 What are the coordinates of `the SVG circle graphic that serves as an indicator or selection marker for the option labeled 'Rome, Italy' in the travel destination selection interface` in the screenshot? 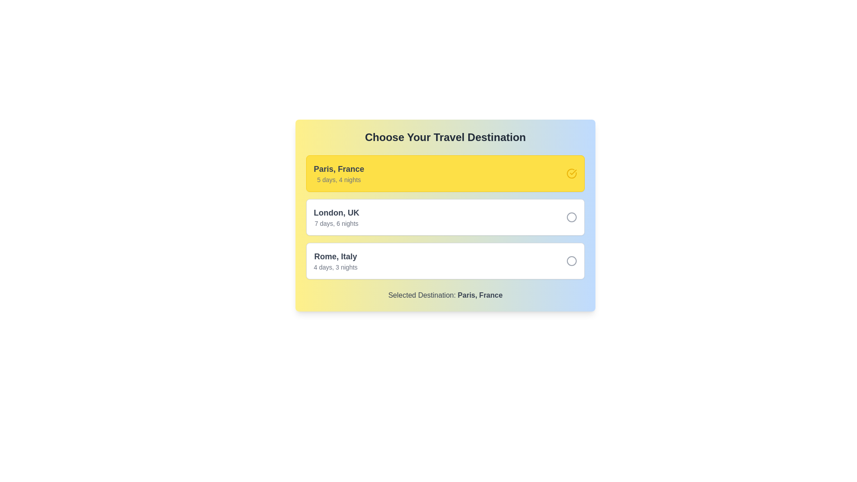 It's located at (572, 261).